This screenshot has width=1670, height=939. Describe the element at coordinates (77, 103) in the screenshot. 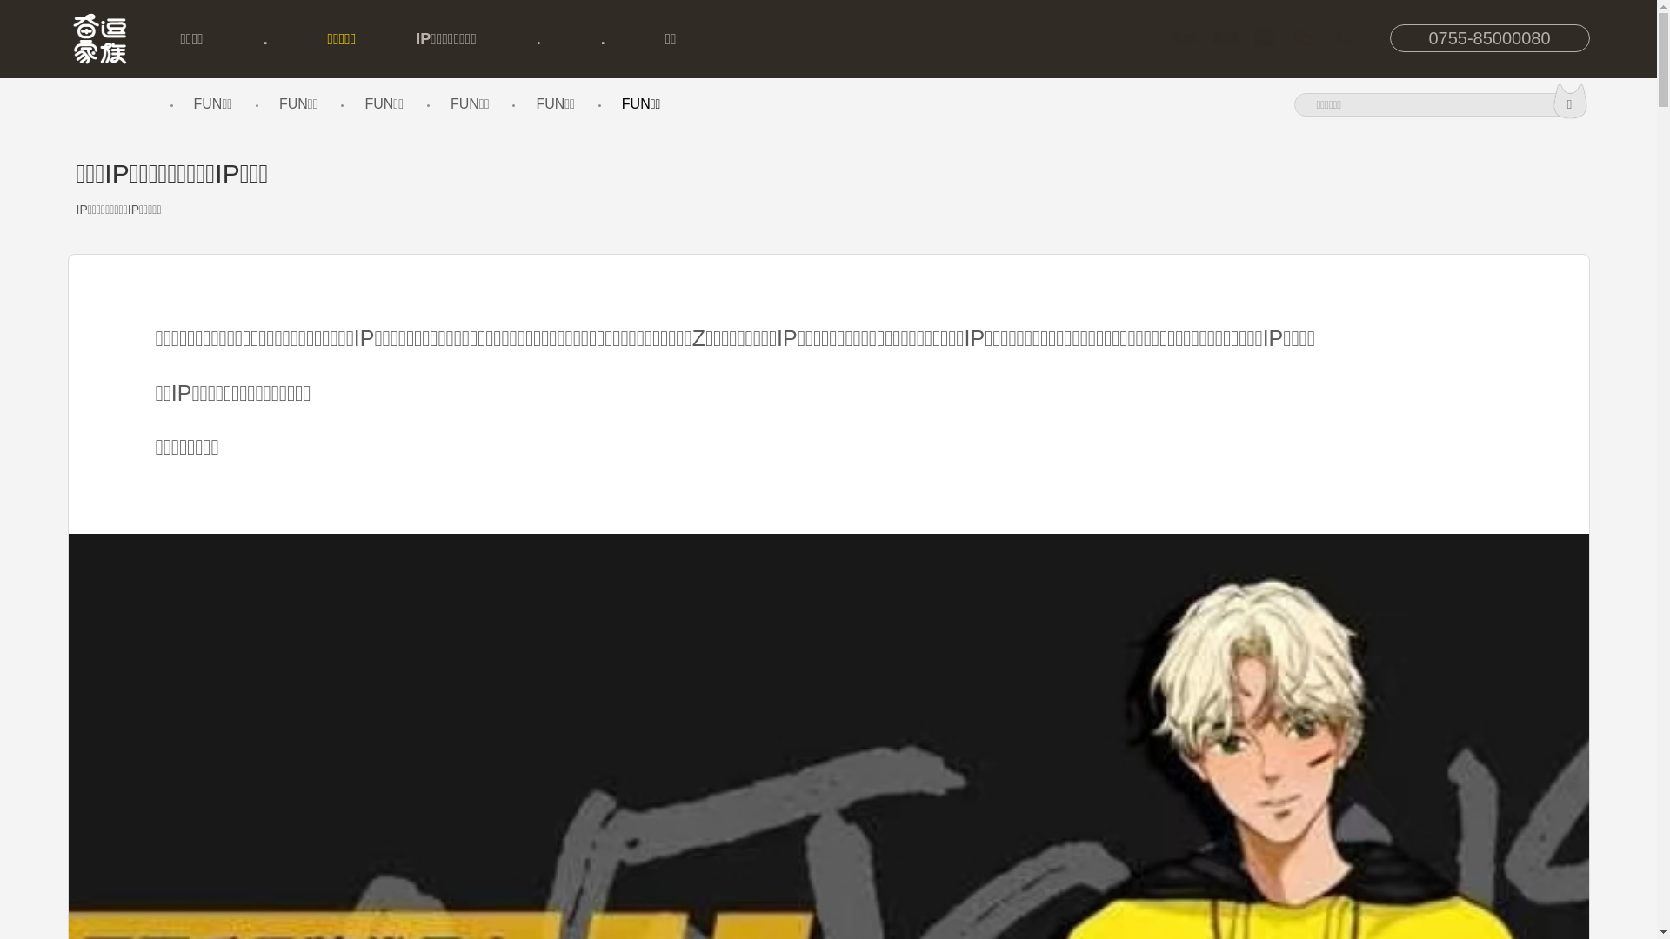

I see `'Music On/Off'` at that location.